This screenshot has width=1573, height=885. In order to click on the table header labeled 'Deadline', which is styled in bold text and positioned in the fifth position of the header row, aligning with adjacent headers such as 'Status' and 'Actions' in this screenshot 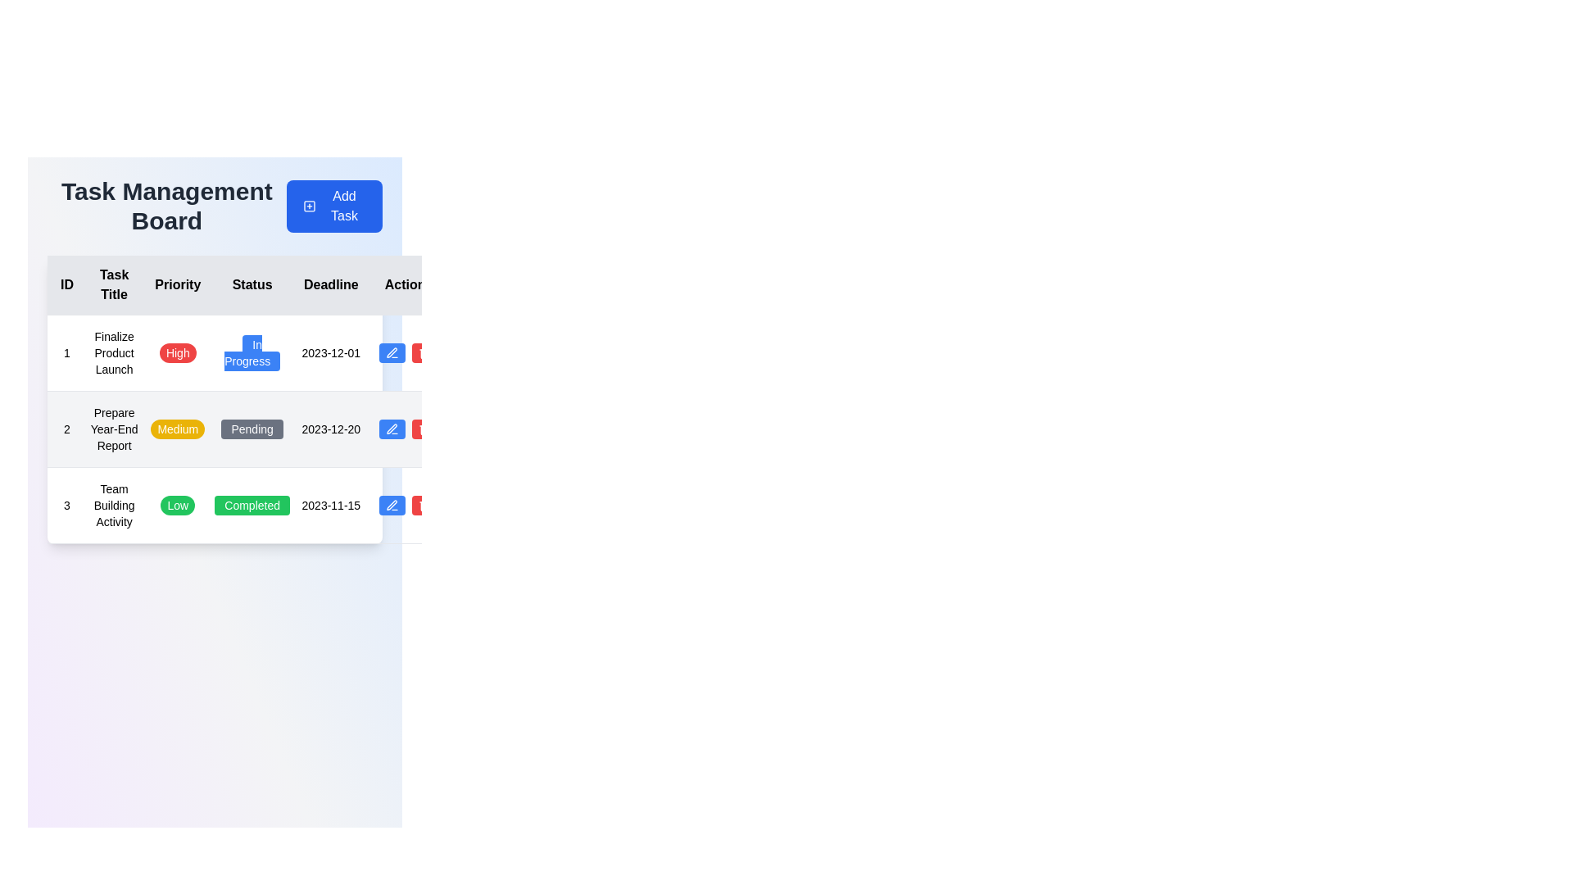, I will do `click(330, 284)`.